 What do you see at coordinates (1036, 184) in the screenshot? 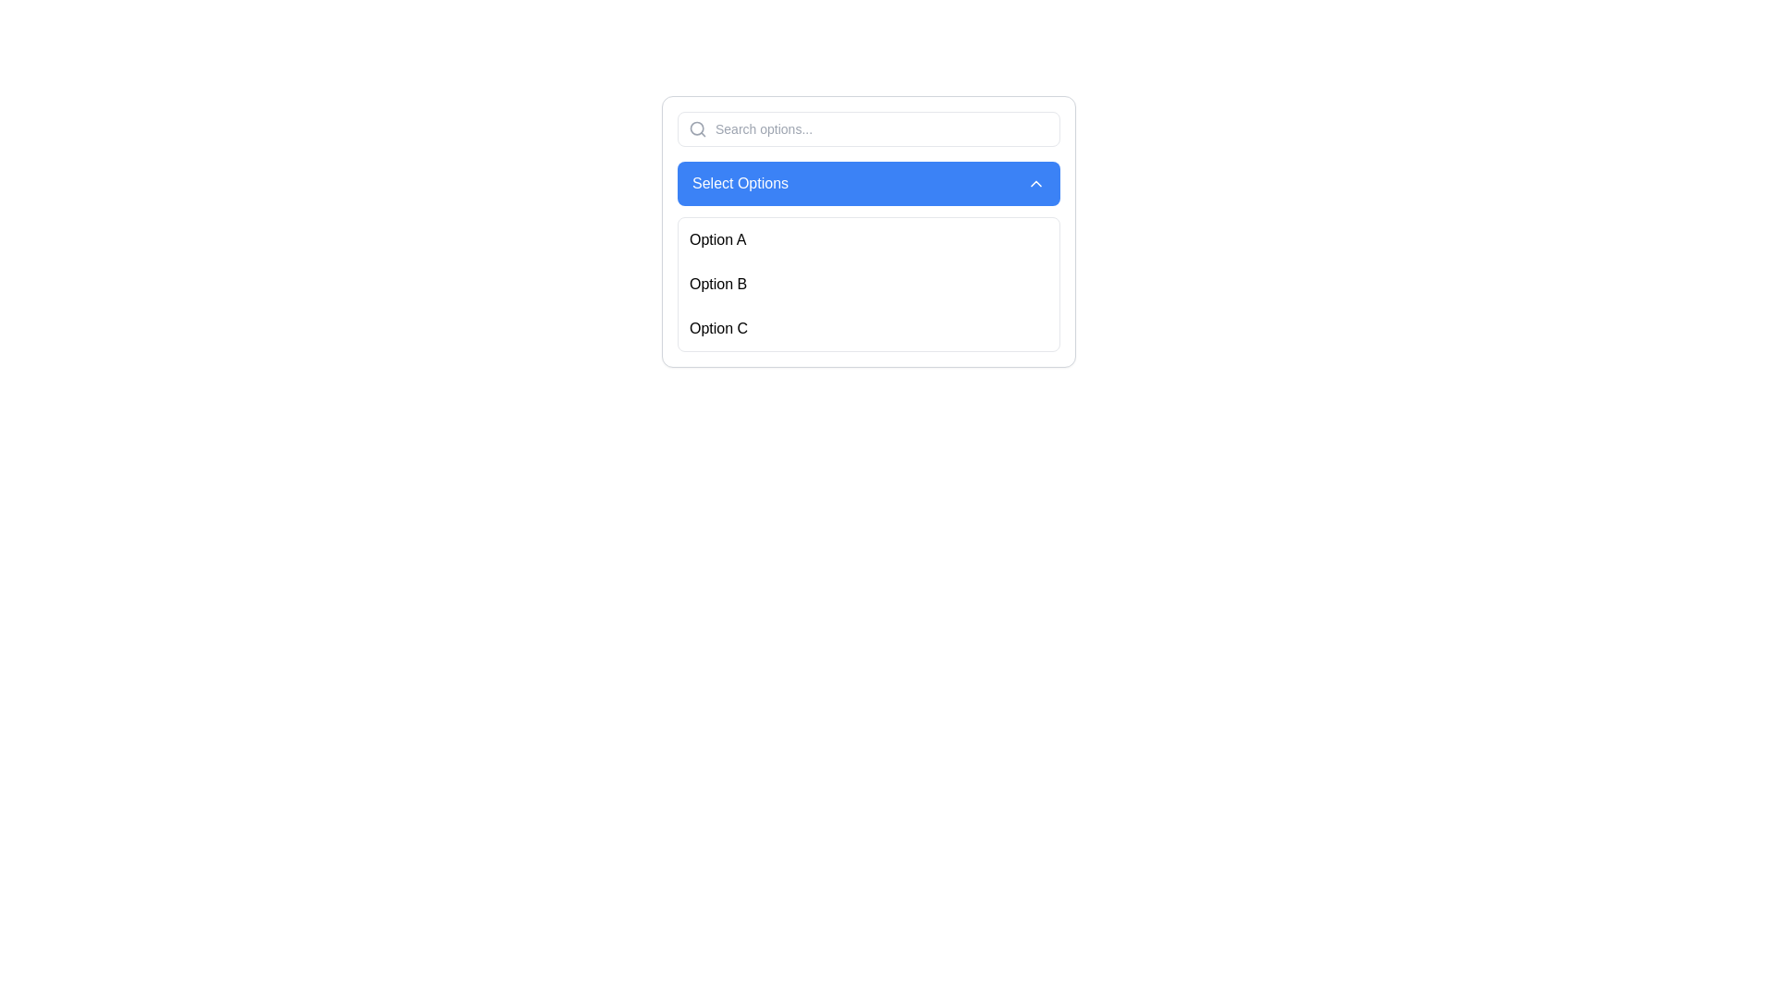
I see `the upward-pointing chevron arrow icon button, which has a blue background and is part of the 'Select Options' dropdown menu` at bounding box center [1036, 184].